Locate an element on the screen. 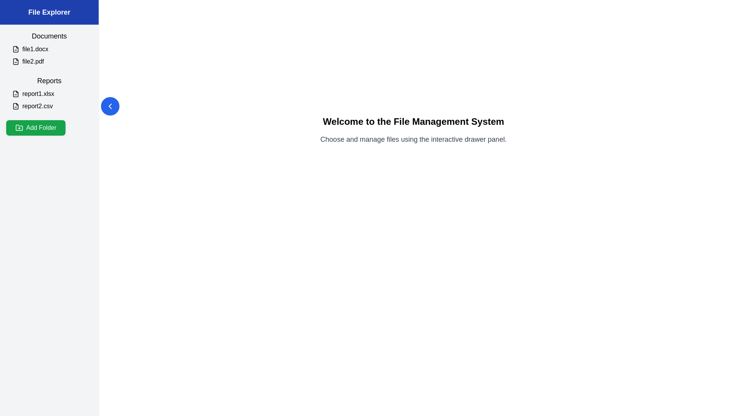 The image size is (740, 416). the 'Add Folder' button, which is a green rectangular button with white text and an icon resembling a folder with a plus sign, located under the 'Reports' header in the left file explorer panel is located at coordinates (35, 127).